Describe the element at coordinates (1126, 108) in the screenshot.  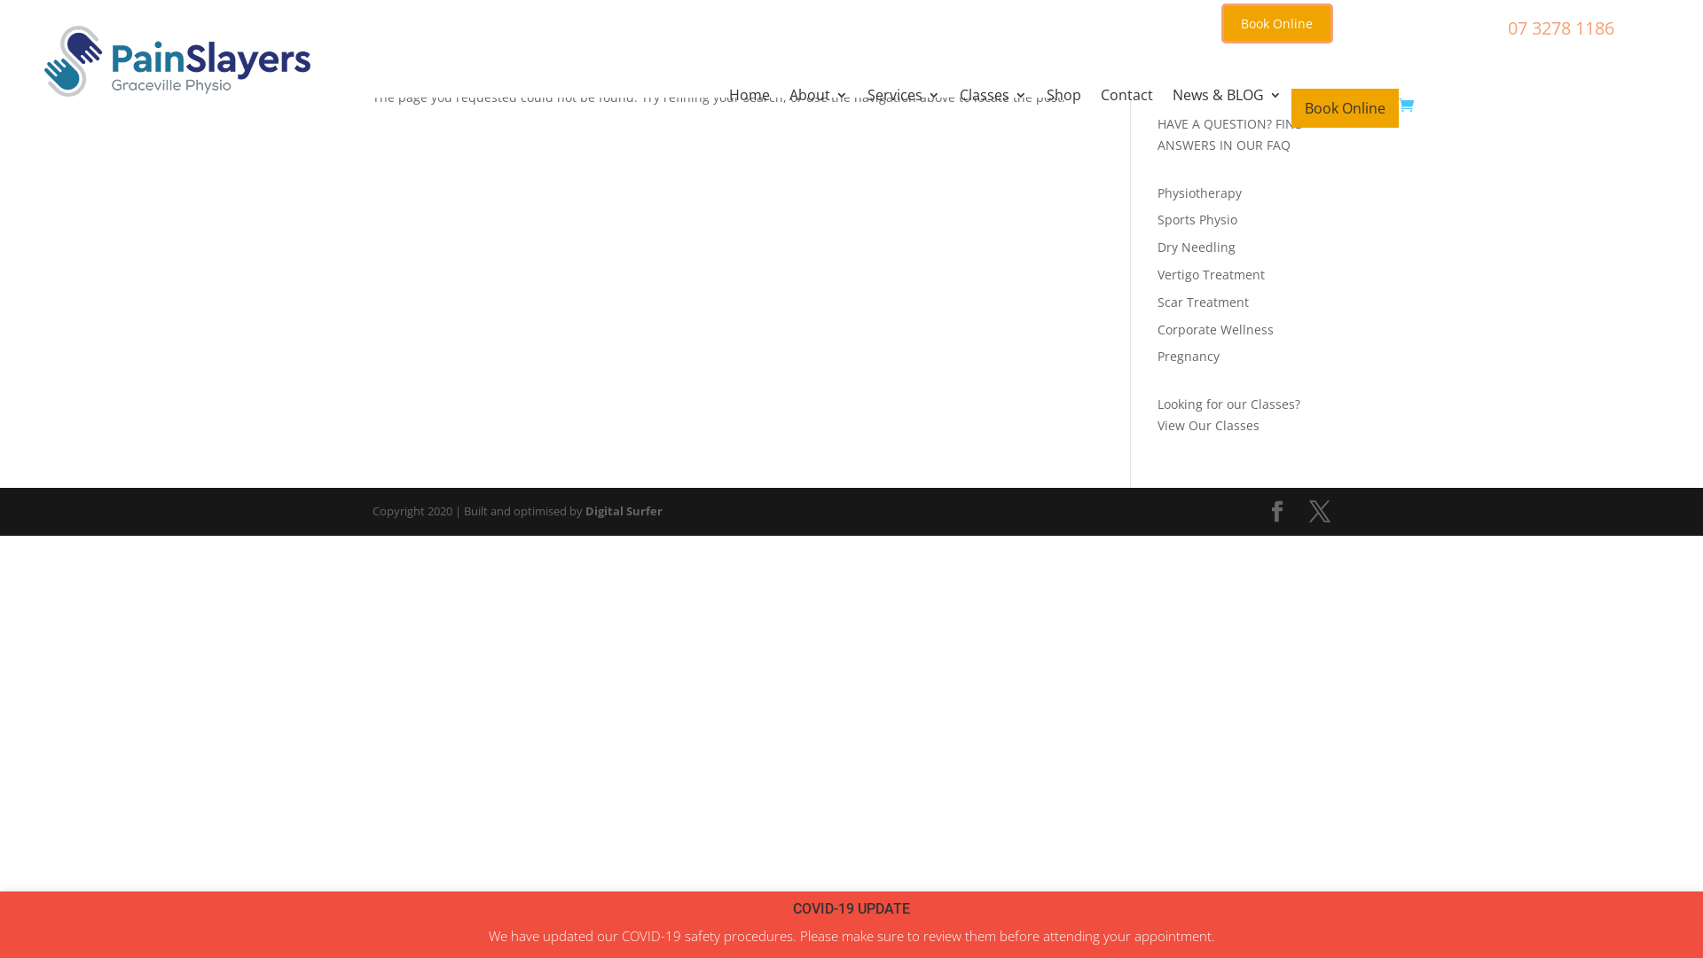
I see `'Contact'` at that location.